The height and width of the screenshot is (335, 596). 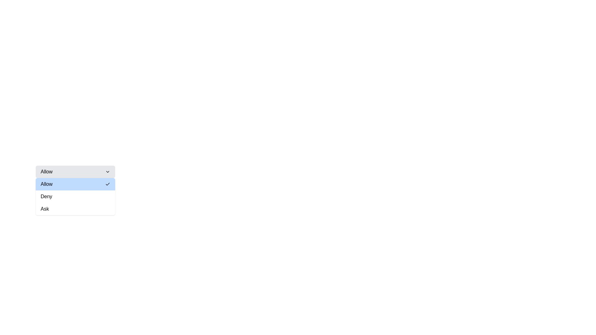 What do you see at coordinates (107, 172) in the screenshot?
I see `the downward-facing chevron icon located at the far right inside the 'Allow' dropdown button` at bounding box center [107, 172].